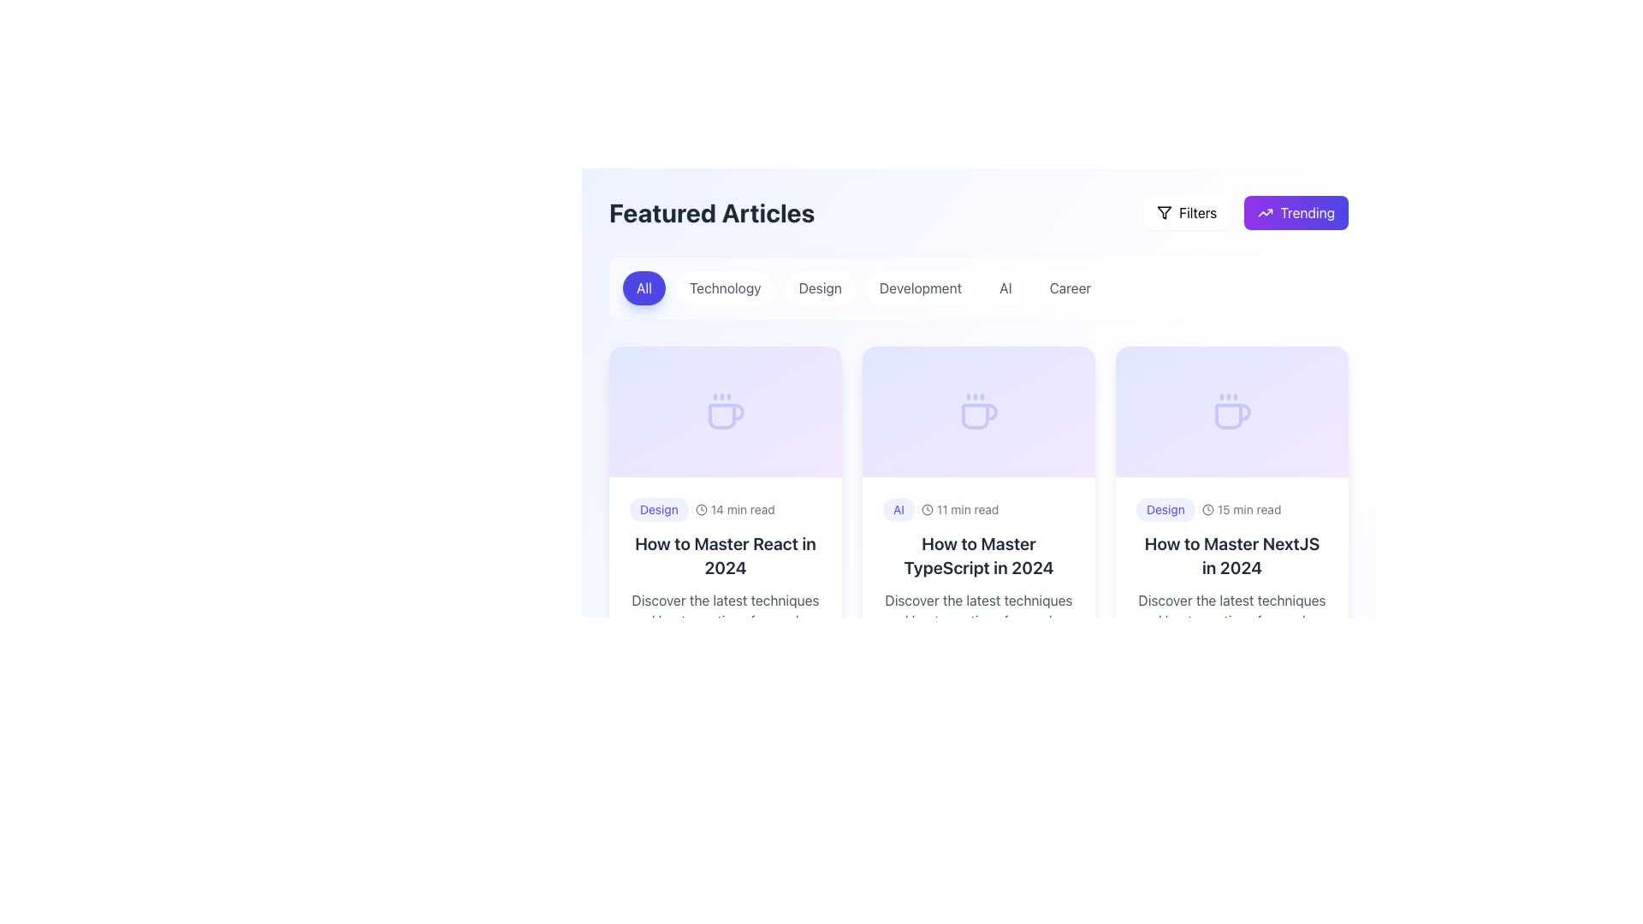  What do you see at coordinates (644, 287) in the screenshot?
I see `the first button labeled 'All' with a rounded pill shape and purple background located under the 'Featured Articles' heading` at bounding box center [644, 287].